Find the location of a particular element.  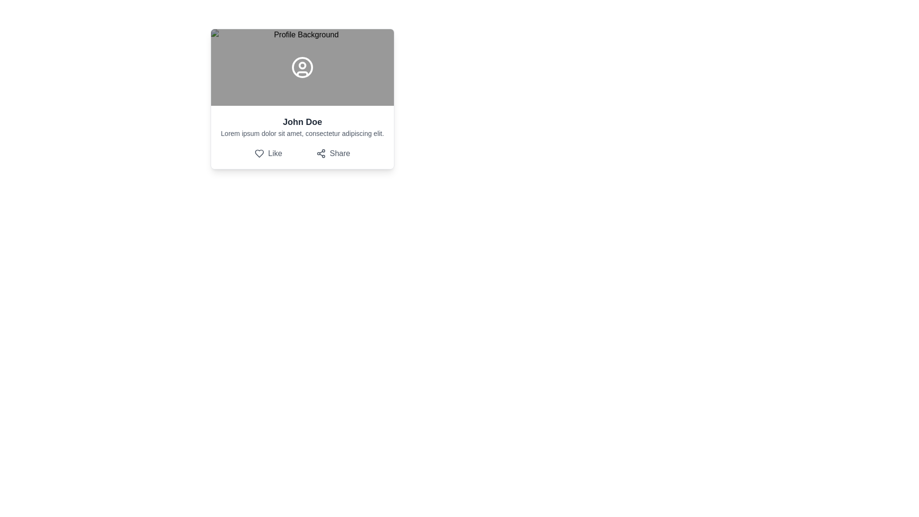

the 'Share' button located to the right of the 'Like' button in the button group at the bottom of the profile card is located at coordinates (333, 153).